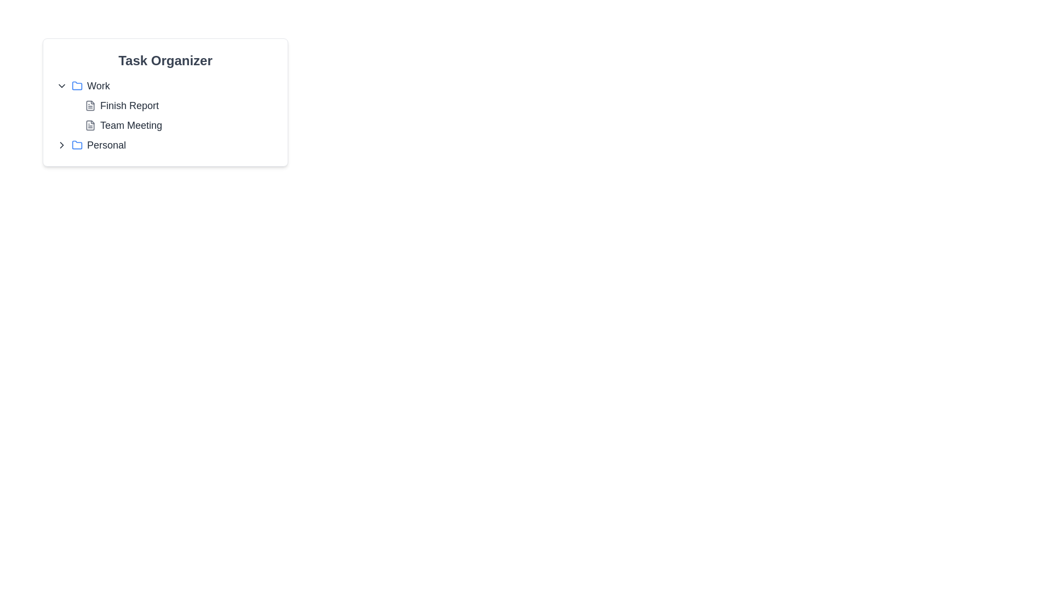 The image size is (1052, 592). What do you see at coordinates (76, 145) in the screenshot?
I see `the small blue outlined folder icon located to the left of the 'Personal' text under the 'Task Organizer' header` at bounding box center [76, 145].